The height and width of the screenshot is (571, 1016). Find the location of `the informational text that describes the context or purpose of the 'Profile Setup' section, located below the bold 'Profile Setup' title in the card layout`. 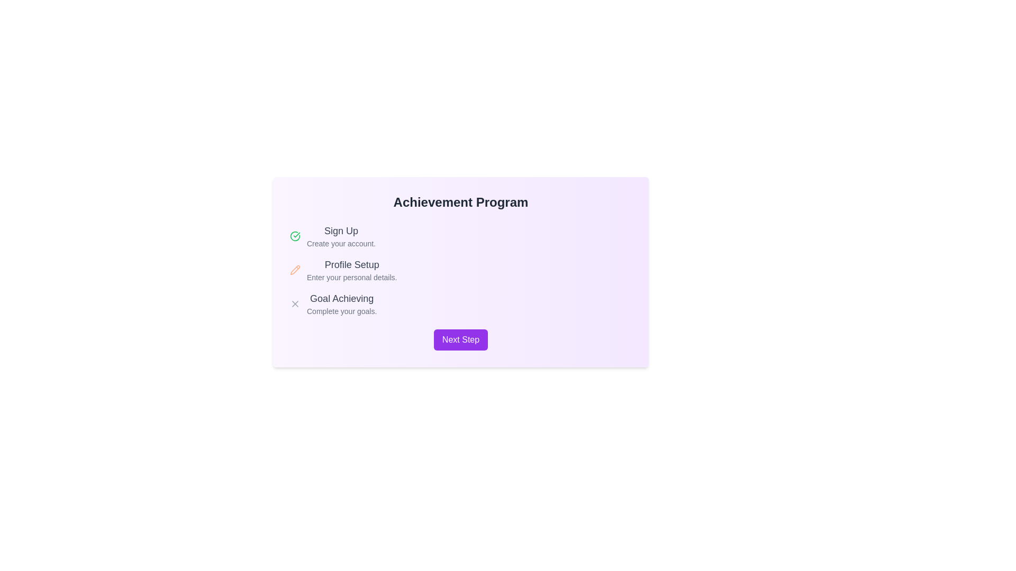

the informational text that describes the context or purpose of the 'Profile Setup' section, located below the bold 'Profile Setup' title in the card layout is located at coordinates (352, 277).